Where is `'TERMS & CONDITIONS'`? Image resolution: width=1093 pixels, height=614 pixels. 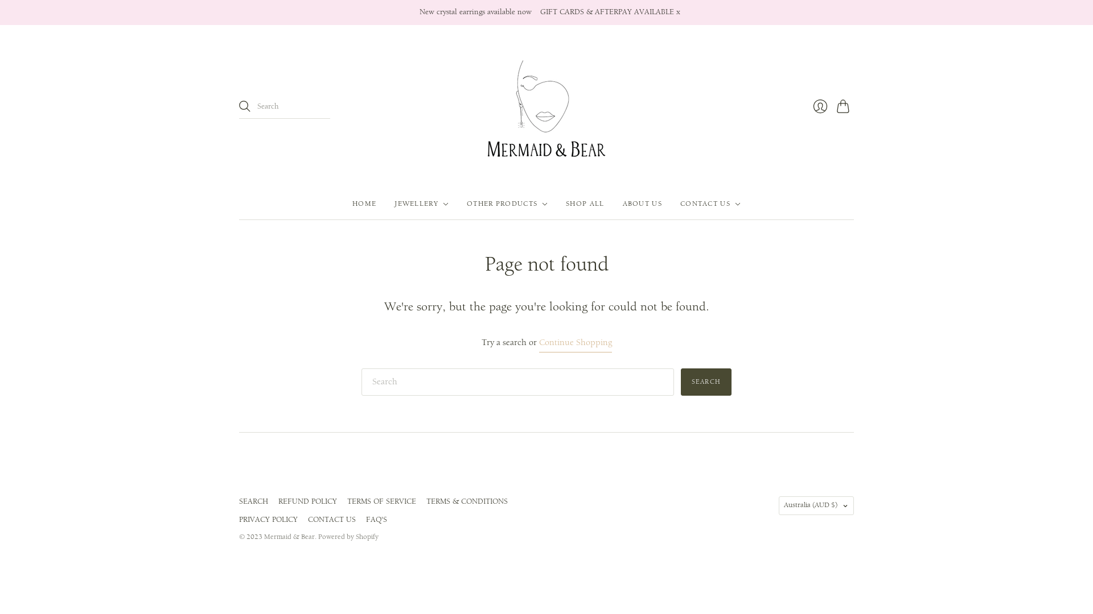
'TERMS & CONDITIONS' is located at coordinates (425, 501).